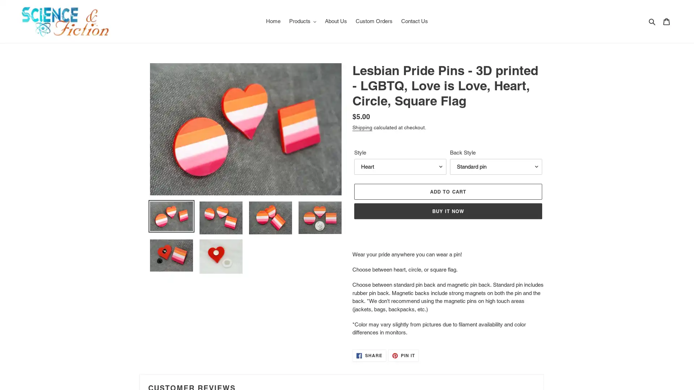 This screenshot has height=390, width=694. I want to click on Search, so click(652, 21).